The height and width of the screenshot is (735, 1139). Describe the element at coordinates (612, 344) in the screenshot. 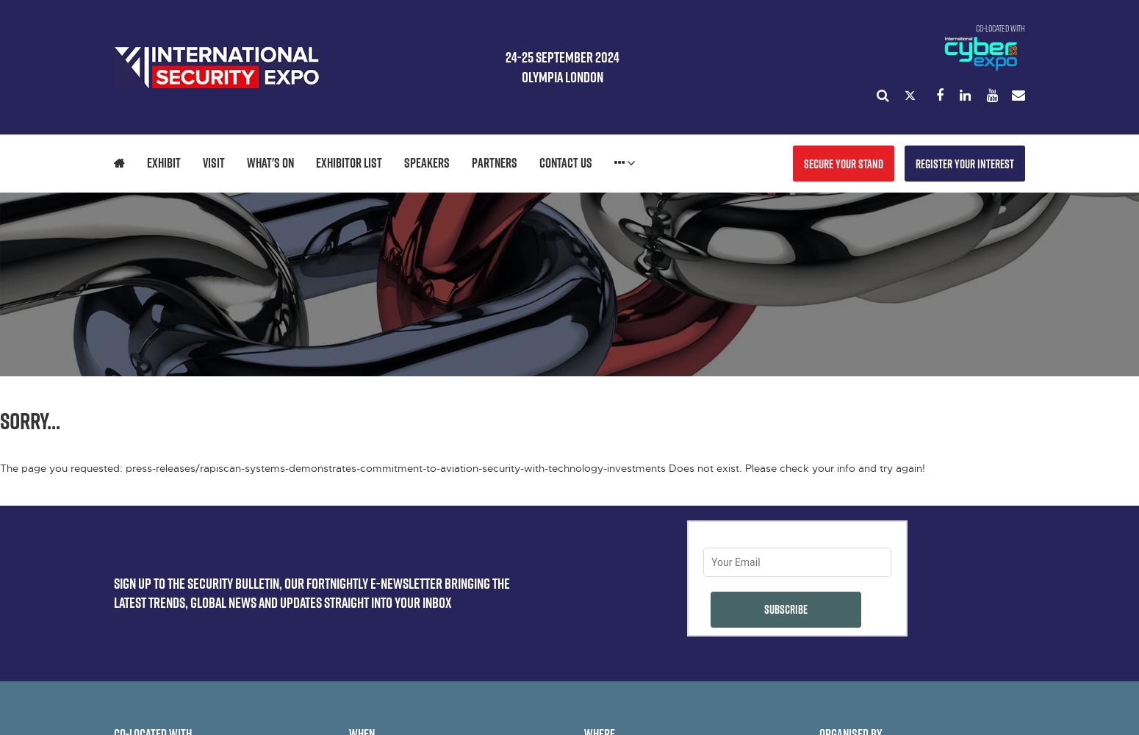

I see `'SCEG PAVILION'` at that location.